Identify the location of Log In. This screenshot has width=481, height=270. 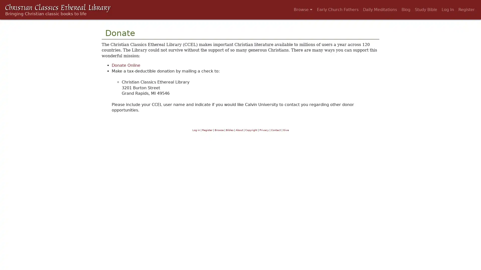
(448, 9).